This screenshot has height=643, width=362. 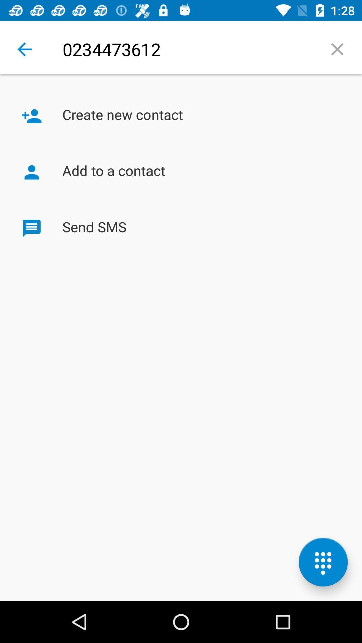 What do you see at coordinates (32, 172) in the screenshot?
I see `the icon in front of text add to a contact` at bounding box center [32, 172].